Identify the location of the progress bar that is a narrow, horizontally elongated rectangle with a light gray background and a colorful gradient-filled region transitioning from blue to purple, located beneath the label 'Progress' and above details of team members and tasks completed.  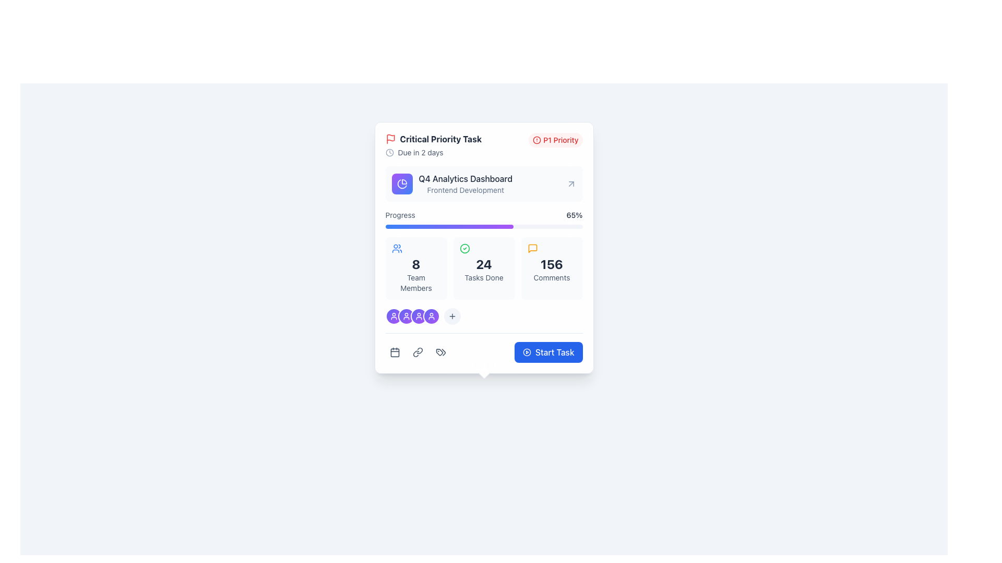
(483, 226).